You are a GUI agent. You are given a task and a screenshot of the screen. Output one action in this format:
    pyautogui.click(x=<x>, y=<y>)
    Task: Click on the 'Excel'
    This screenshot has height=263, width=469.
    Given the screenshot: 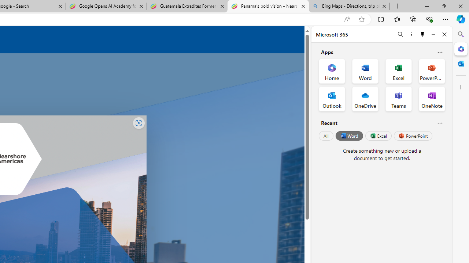 What is the action you would take?
    pyautogui.click(x=378, y=136)
    